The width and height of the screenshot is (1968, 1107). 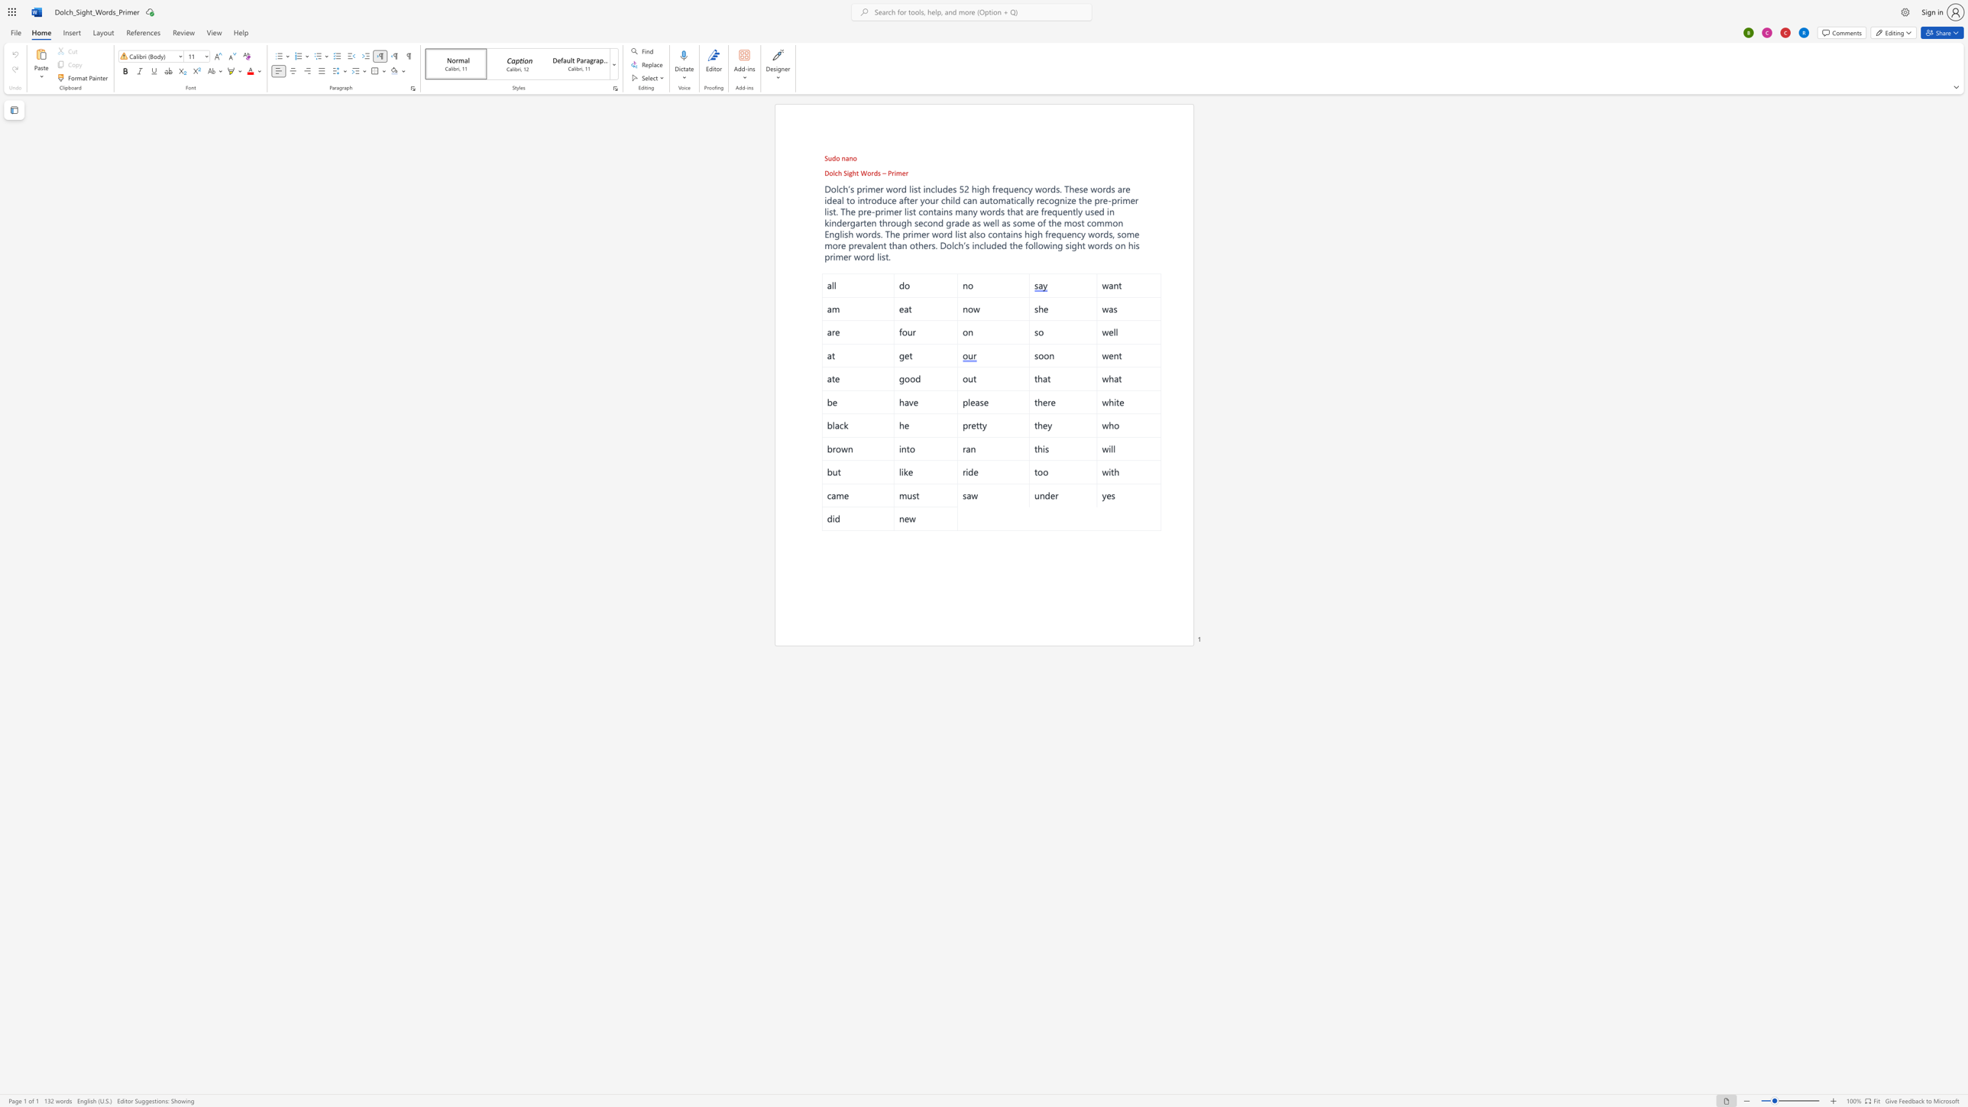 What do you see at coordinates (1081, 235) in the screenshot?
I see `the subset text "y words, some more prevalent than others. Dolch’s included the following sight words on" within the text "high frequency words, some more prevalent than others. Dolch’s included the following sight words on his primer word list."` at bounding box center [1081, 235].